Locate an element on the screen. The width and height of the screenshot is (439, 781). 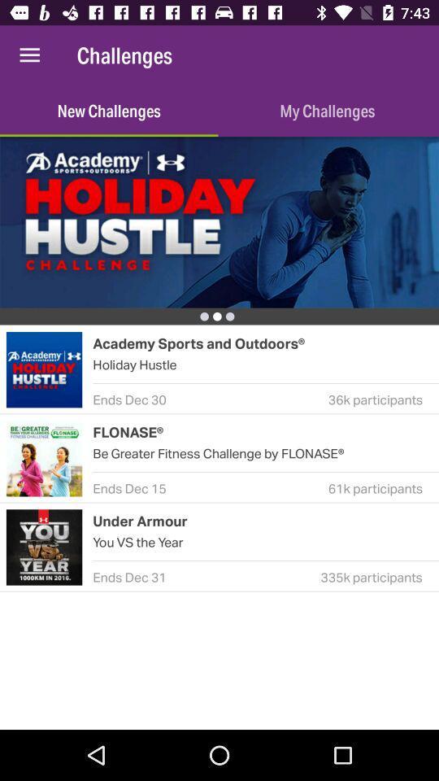
to display banner is located at coordinates (219, 221).